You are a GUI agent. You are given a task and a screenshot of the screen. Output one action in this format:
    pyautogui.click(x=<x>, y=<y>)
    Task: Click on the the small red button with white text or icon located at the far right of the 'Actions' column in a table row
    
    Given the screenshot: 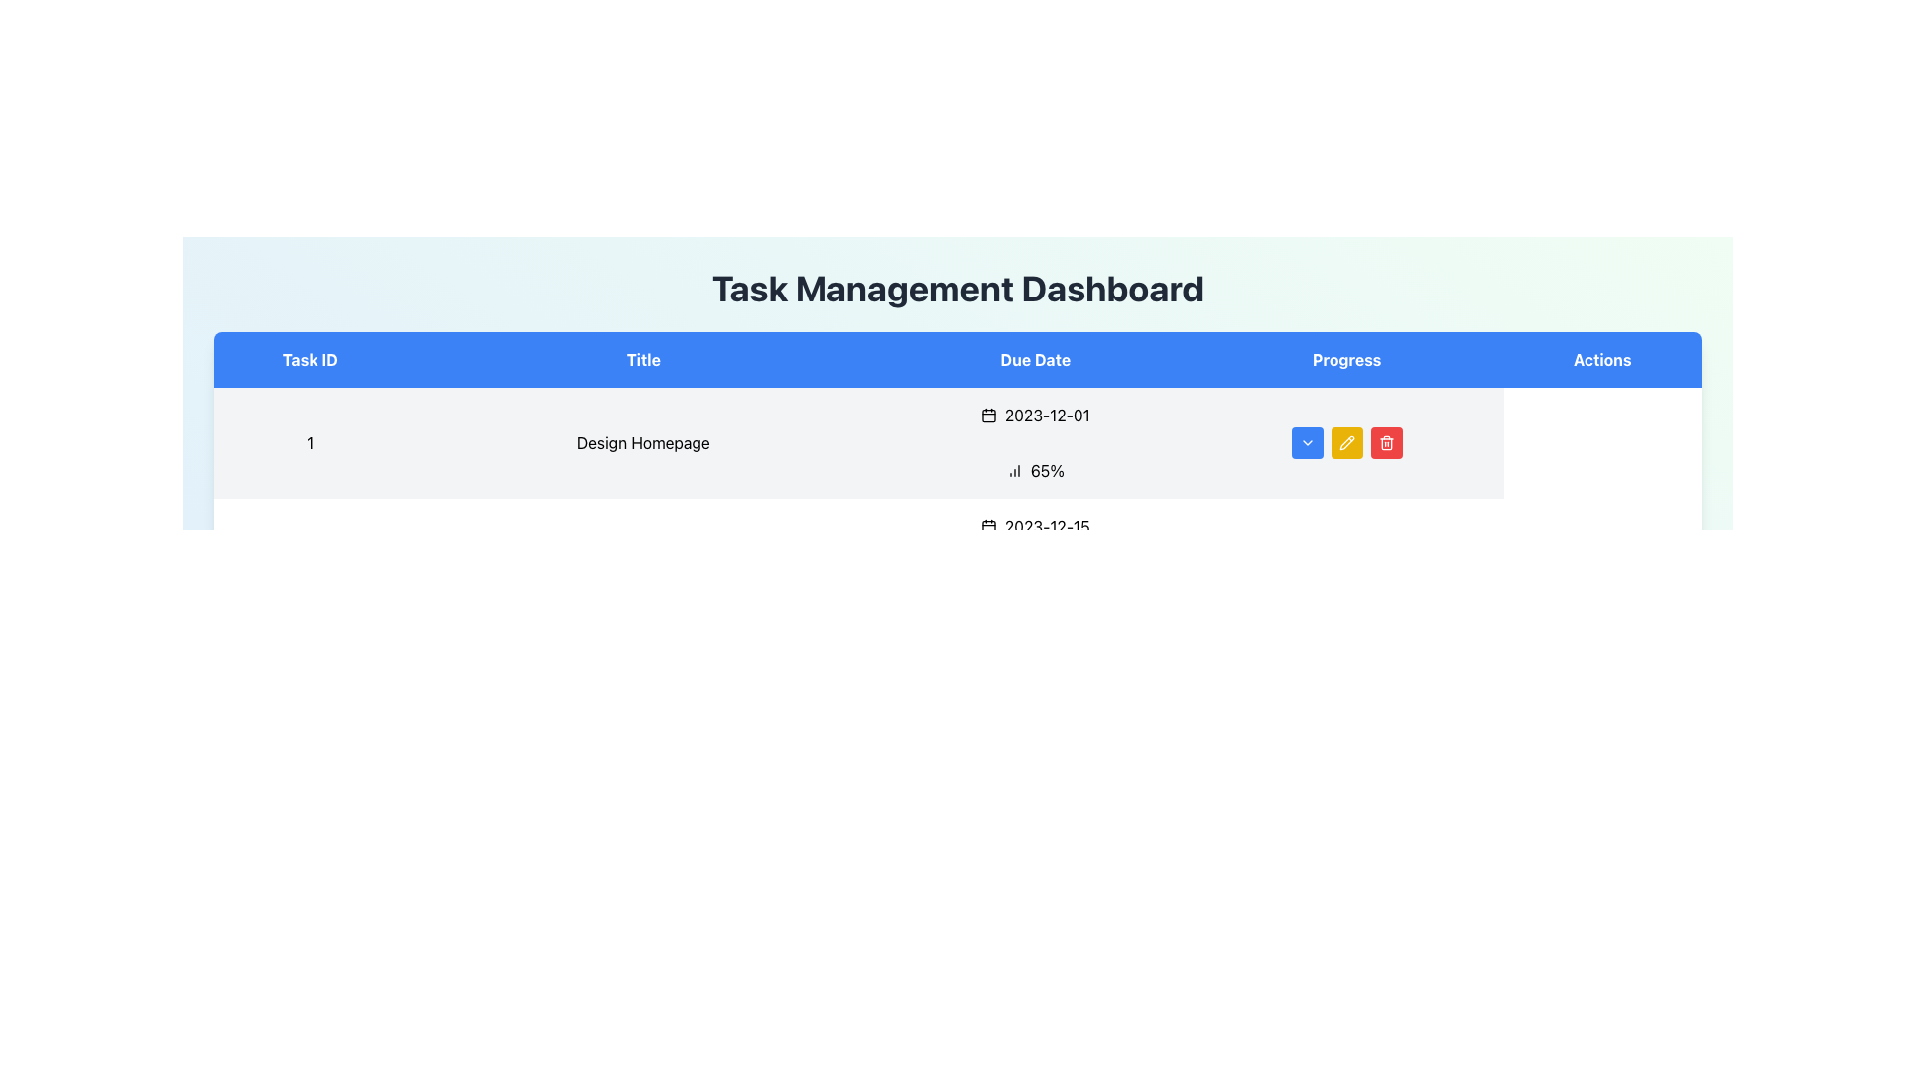 What is the action you would take?
    pyautogui.click(x=1385, y=442)
    